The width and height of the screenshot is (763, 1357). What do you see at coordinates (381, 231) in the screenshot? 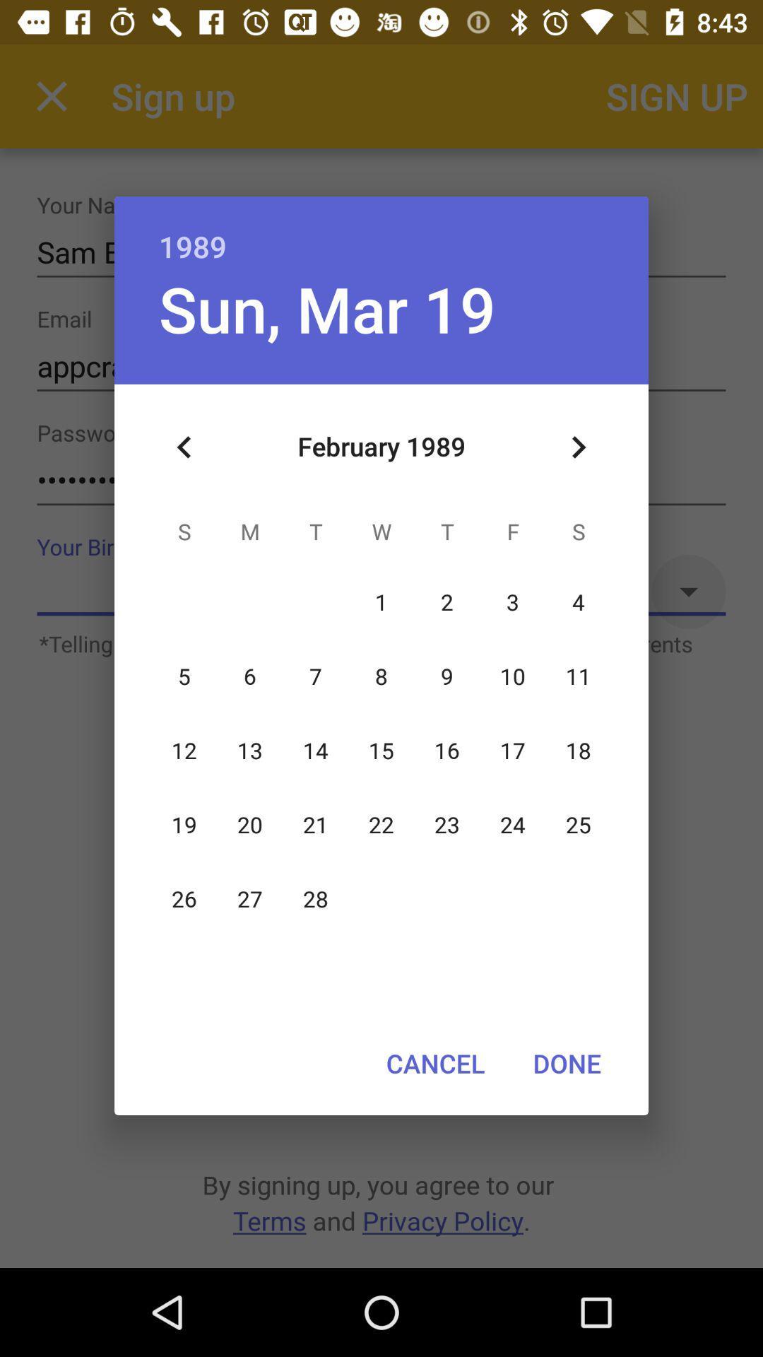
I see `1989` at bounding box center [381, 231].